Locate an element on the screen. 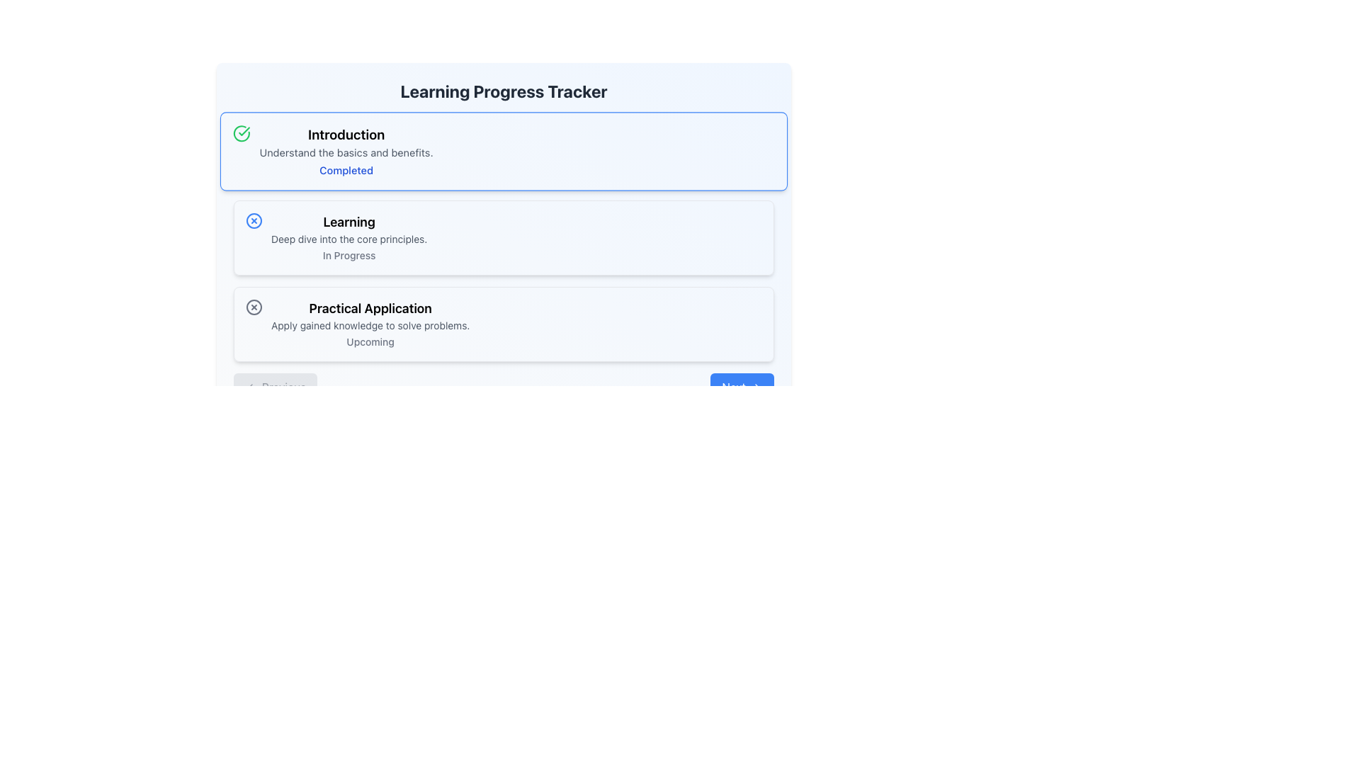  the SVG graphic, specifically a circle containing a cross symbol, which indicates an error or incomplete state, located to the left of the text 'Practical Application' is located at coordinates (254, 307).